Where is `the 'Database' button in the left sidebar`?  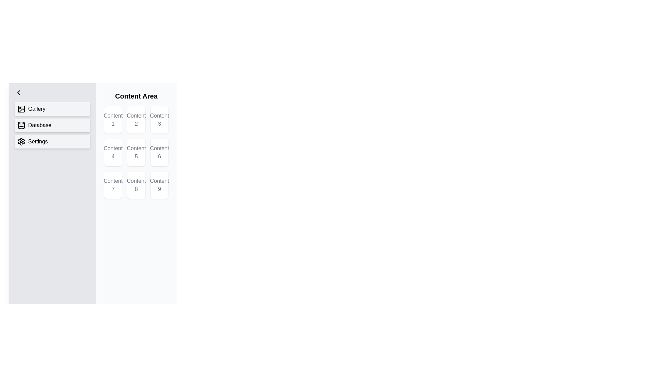 the 'Database' button in the left sidebar is located at coordinates (39, 125).